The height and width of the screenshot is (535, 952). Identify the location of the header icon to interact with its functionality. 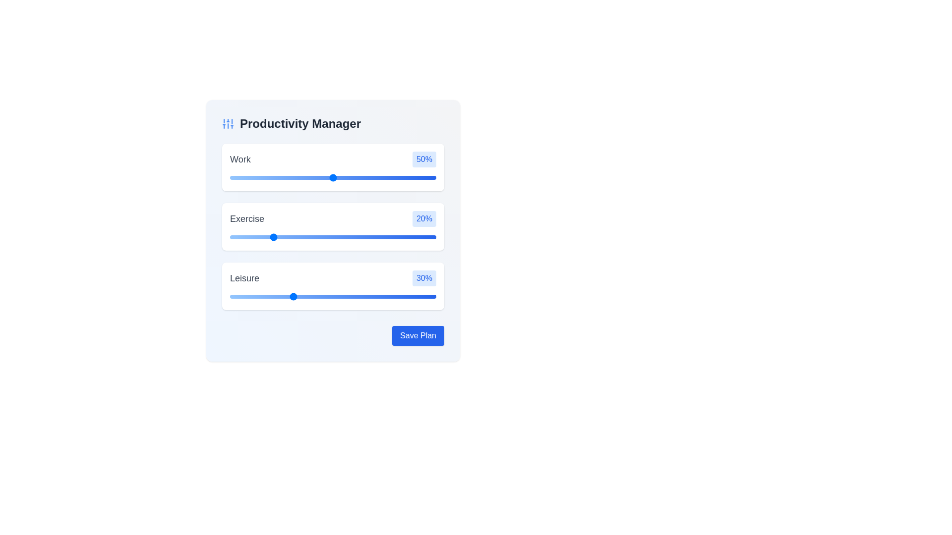
(228, 123).